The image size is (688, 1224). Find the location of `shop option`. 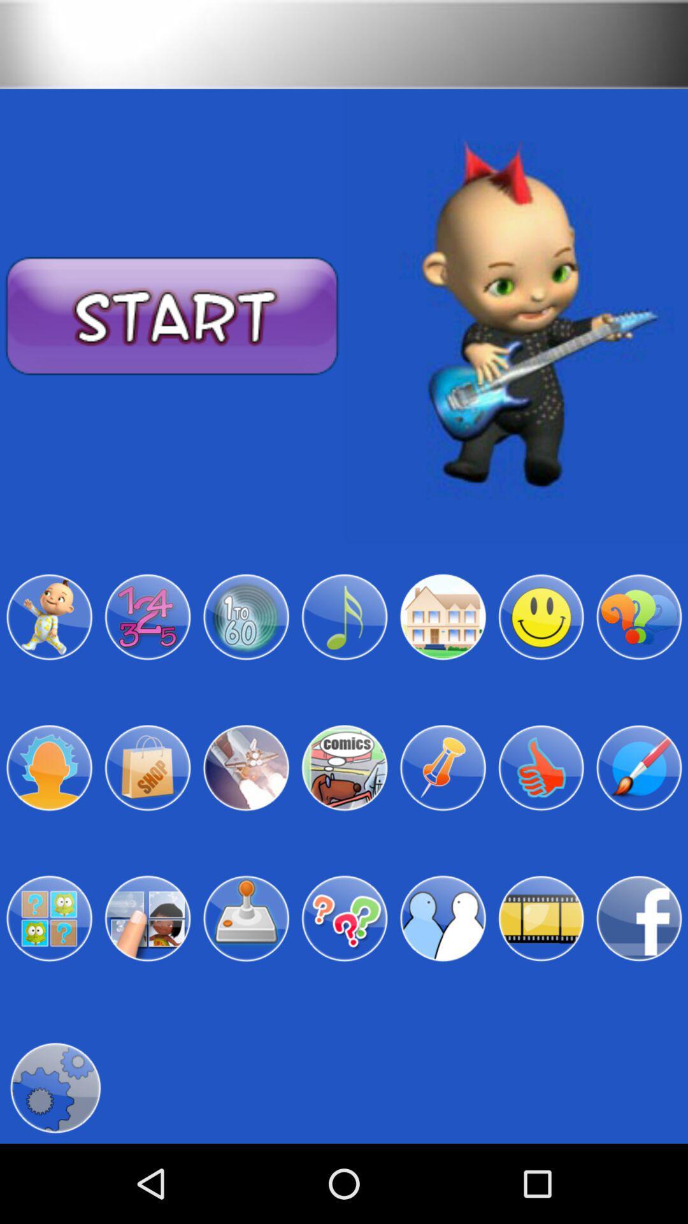

shop option is located at coordinates (147, 767).